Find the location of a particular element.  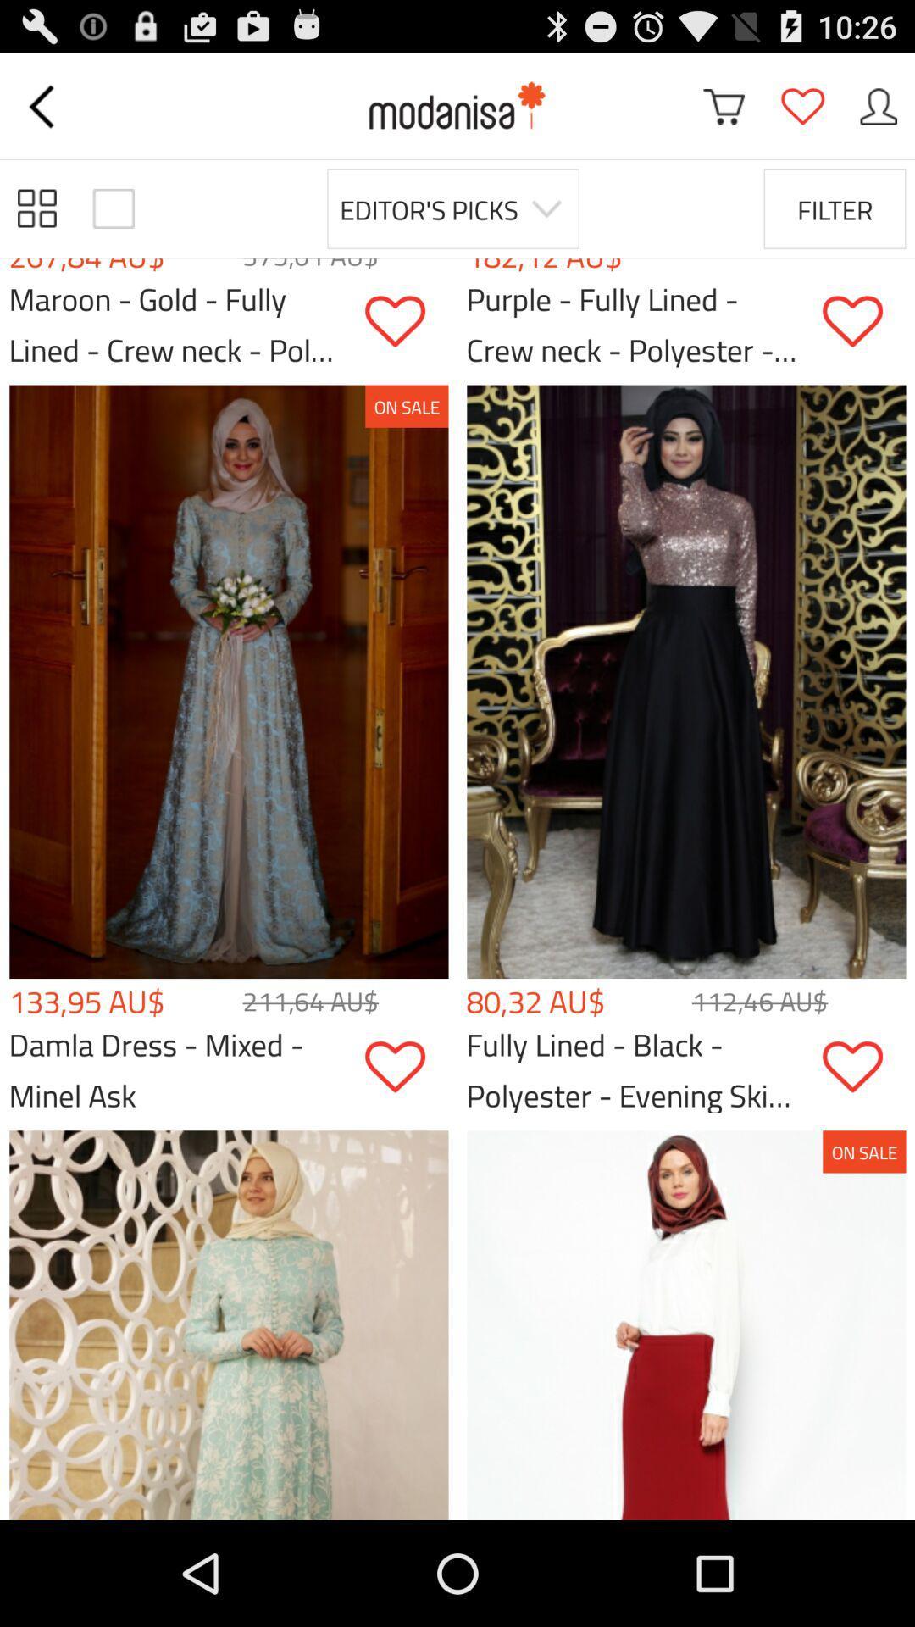

back is located at coordinates (43, 105).